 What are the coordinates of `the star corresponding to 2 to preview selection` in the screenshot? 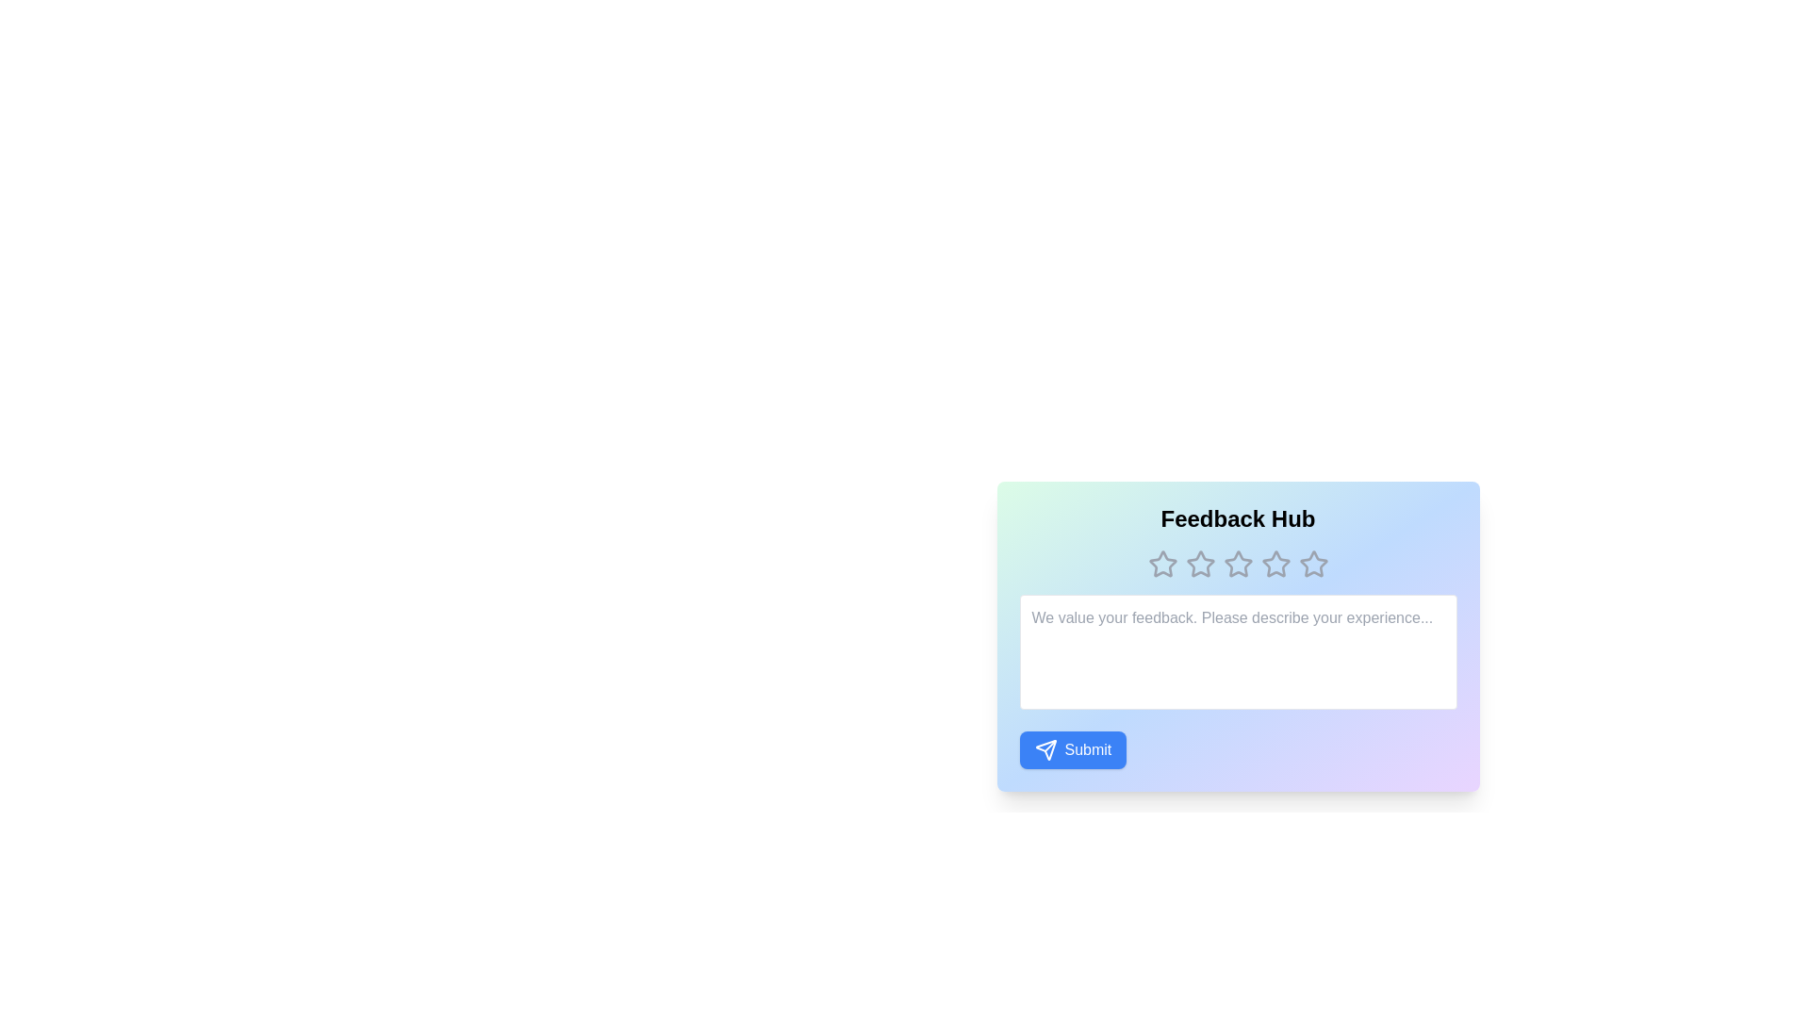 It's located at (1199, 563).